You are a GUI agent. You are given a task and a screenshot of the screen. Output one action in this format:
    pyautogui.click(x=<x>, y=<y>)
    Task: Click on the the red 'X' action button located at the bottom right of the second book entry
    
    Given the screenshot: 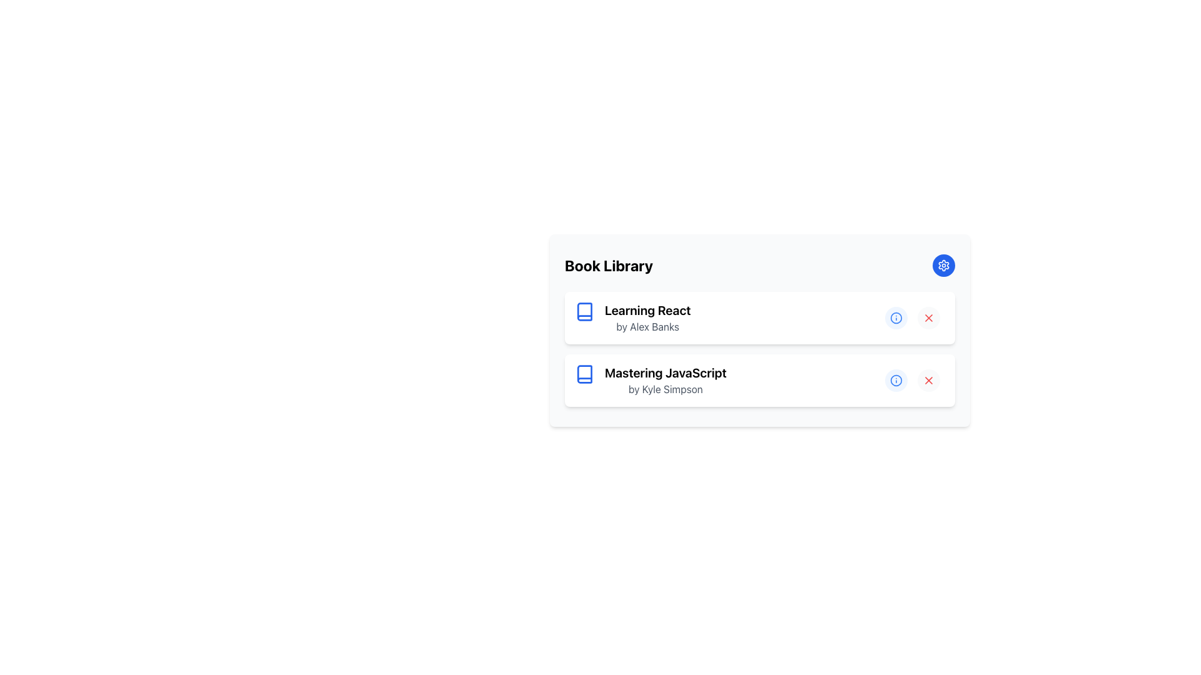 What is the action you would take?
    pyautogui.click(x=928, y=380)
    